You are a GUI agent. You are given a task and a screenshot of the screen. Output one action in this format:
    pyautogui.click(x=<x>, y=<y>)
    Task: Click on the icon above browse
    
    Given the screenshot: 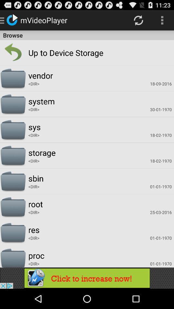 What is the action you would take?
    pyautogui.click(x=162, y=20)
    